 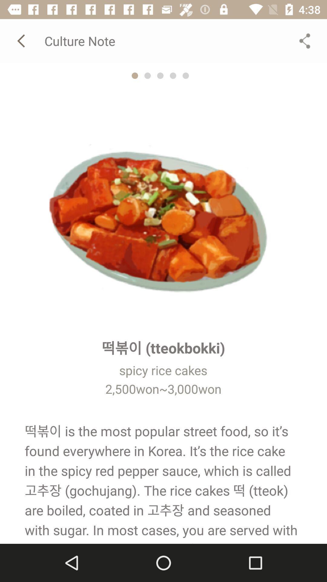 What do you see at coordinates (147, 75) in the screenshot?
I see `the favorite icon` at bounding box center [147, 75].